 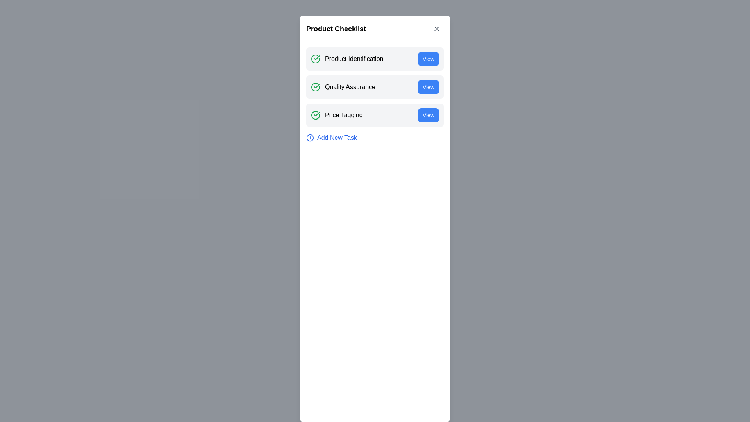 I want to click on the diagonal cross ('X') icon in the top right corner of the header section, so click(x=436, y=28).